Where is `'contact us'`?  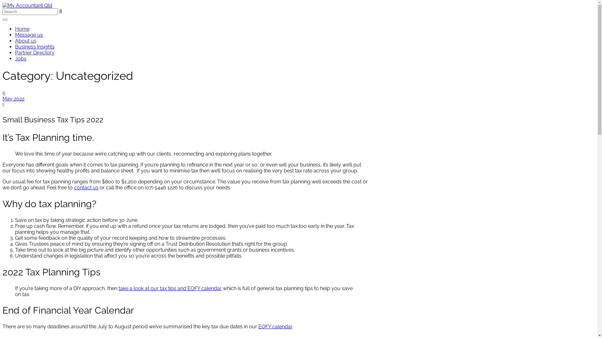
'contact us' is located at coordinates (86, 187).